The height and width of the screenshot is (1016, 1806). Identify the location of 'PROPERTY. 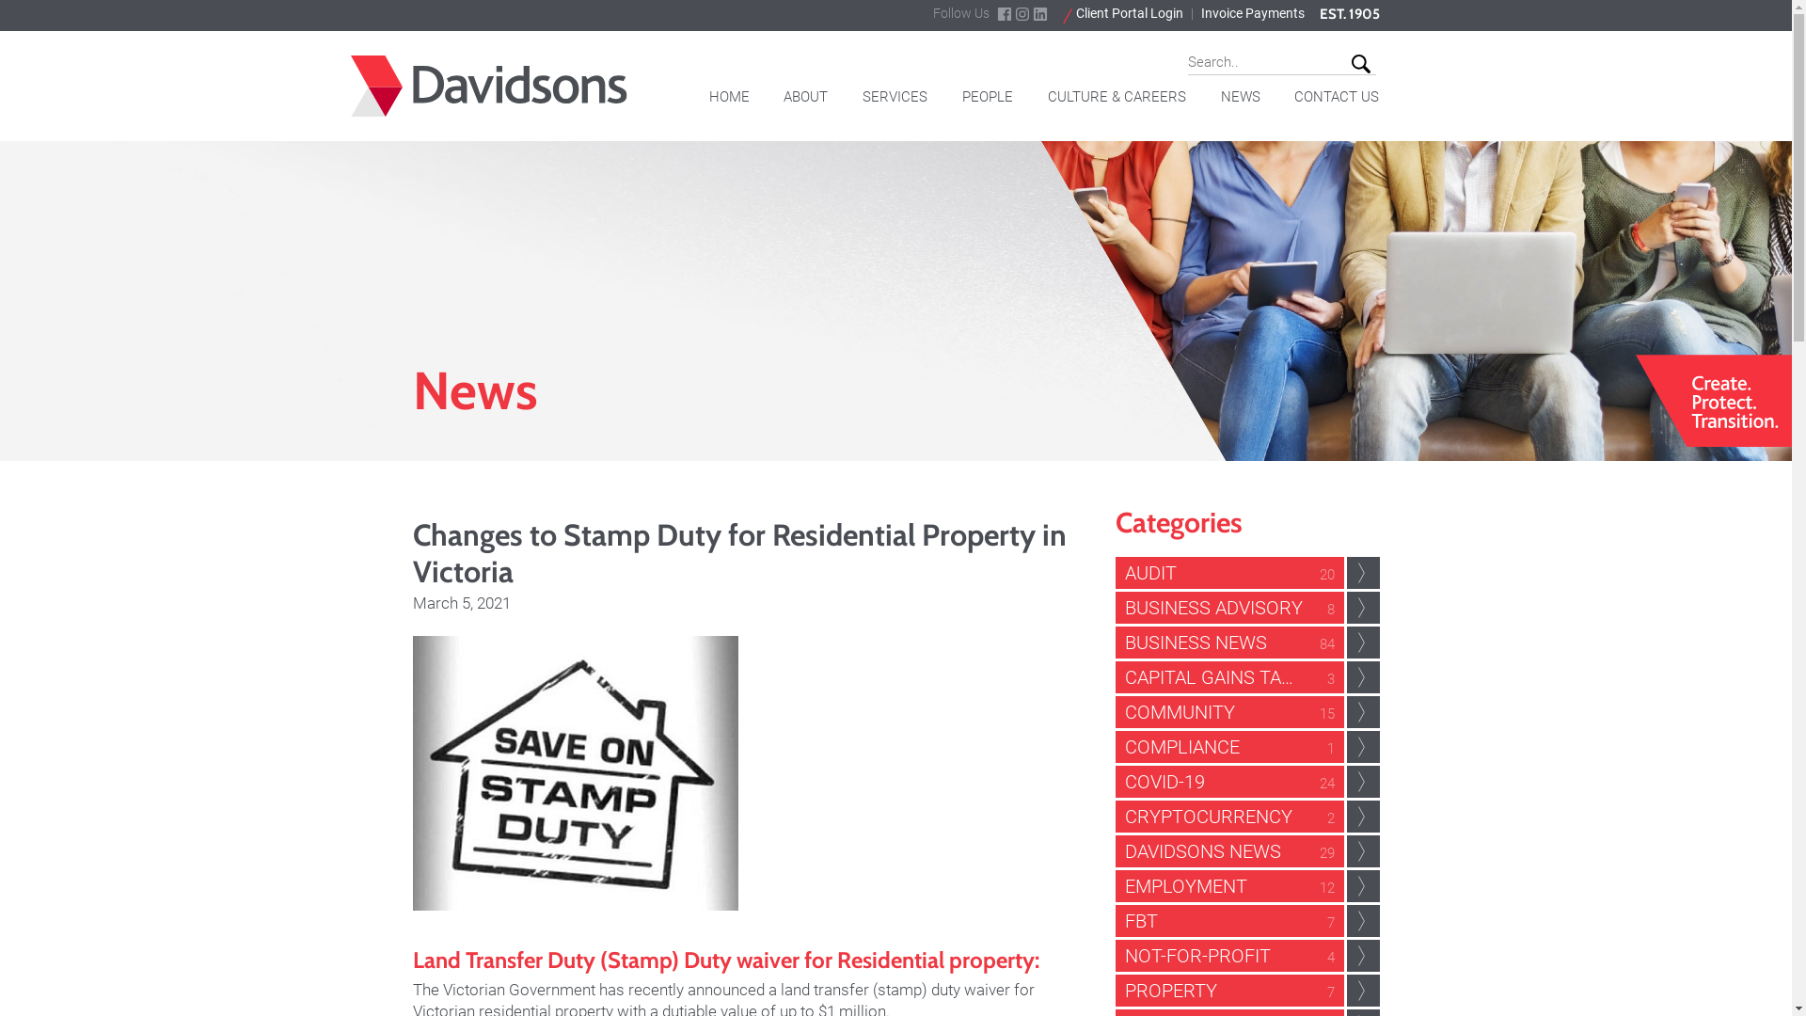
(1115, 990).